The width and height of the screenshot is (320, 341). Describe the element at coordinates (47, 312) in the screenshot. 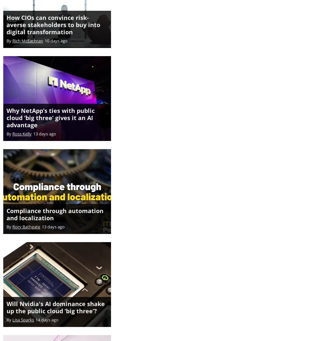

I see `'14 days ago'` at that location.